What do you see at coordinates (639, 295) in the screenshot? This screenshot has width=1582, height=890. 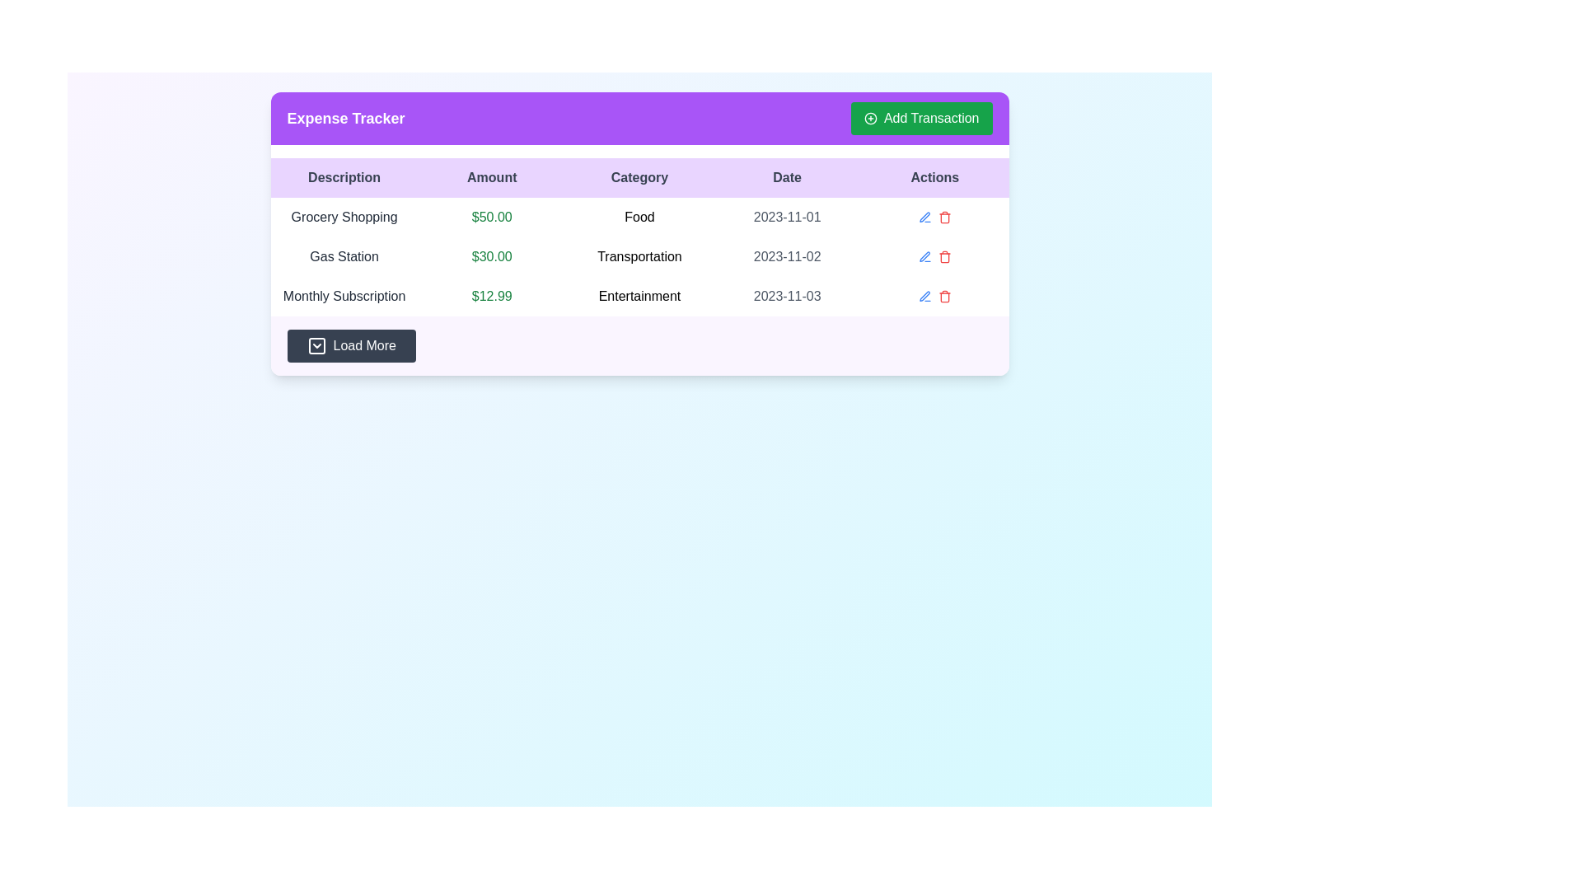 I see `the Text Label in the 'Category' column that identifies 'Entertainment' in the third row of the table, located between the price '$12.99' and the date '2023-11-03'` at bounding box center [639, 295].